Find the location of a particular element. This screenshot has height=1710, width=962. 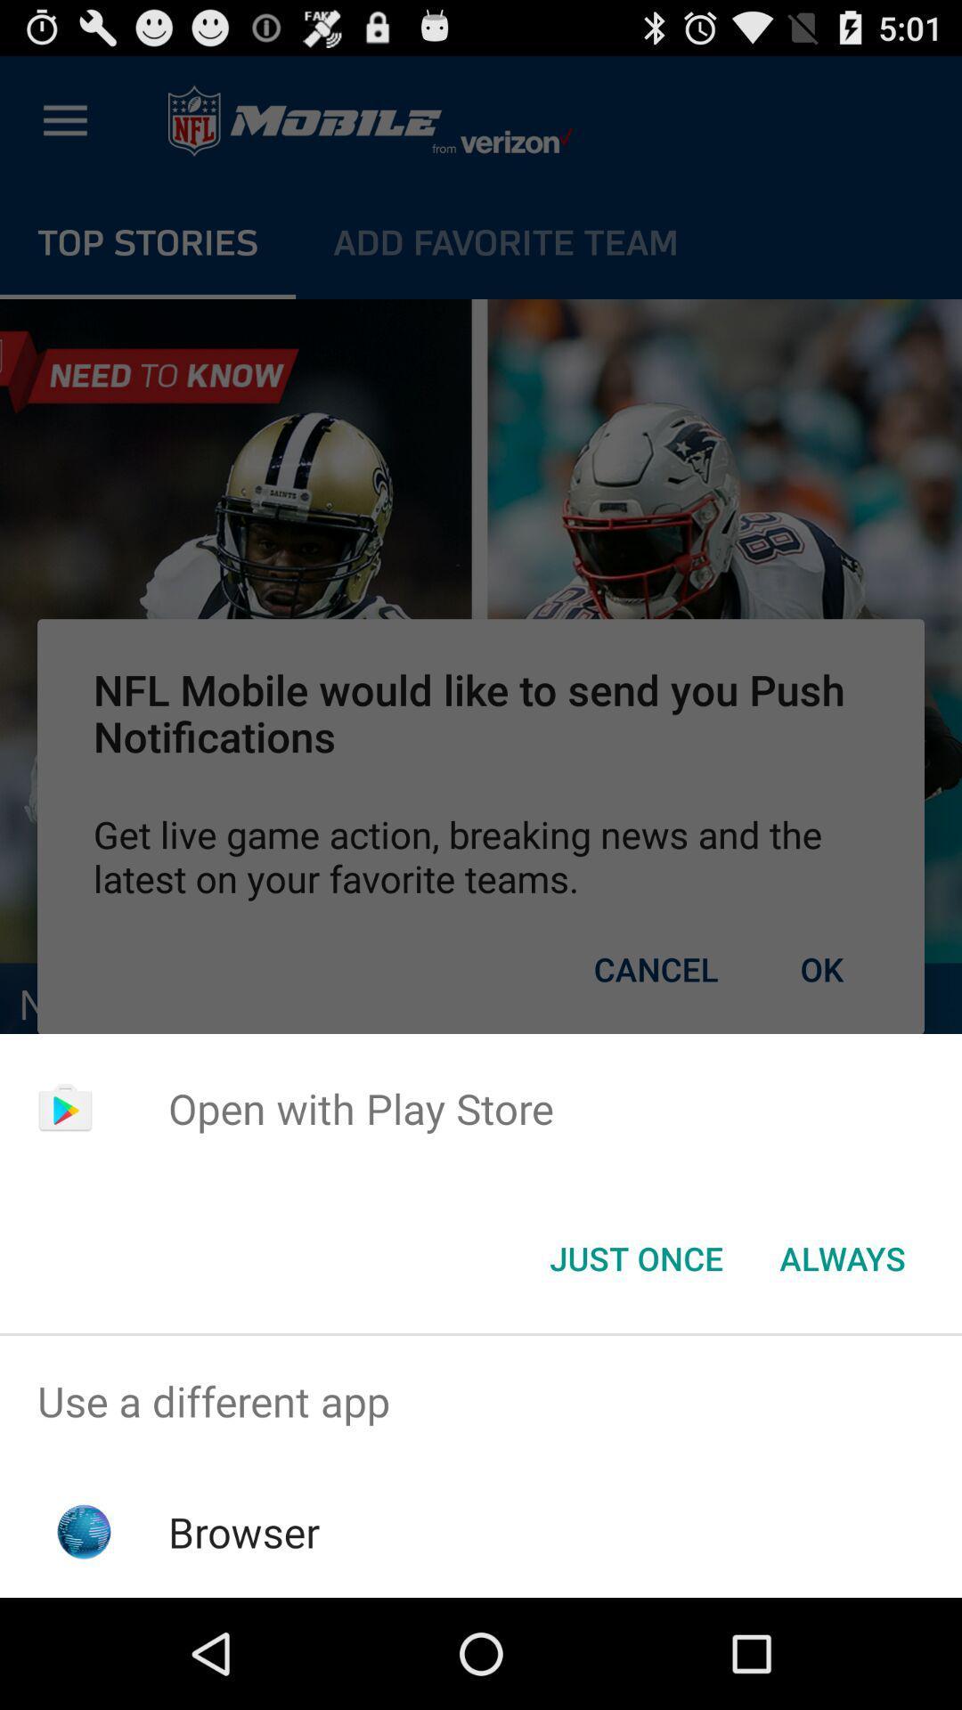

icon next to the just once button is located at coordinates (842, 1257).